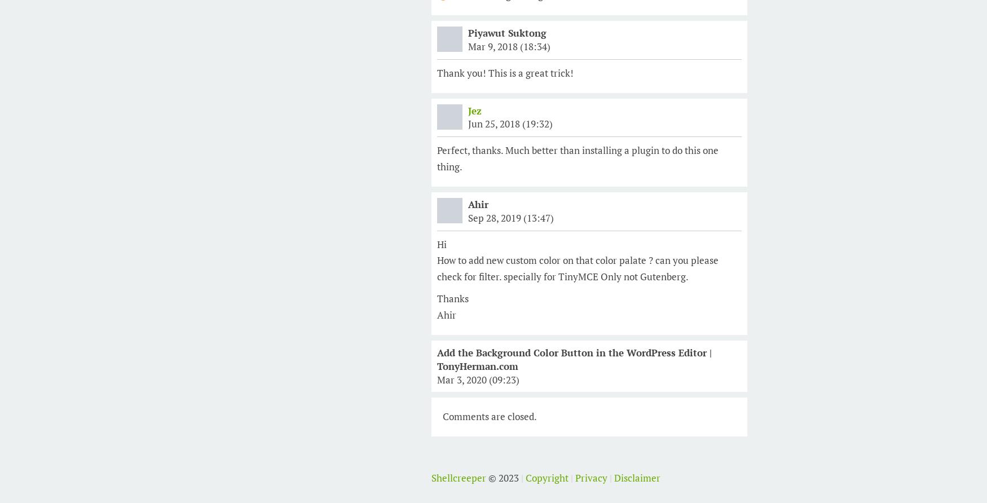 The image size is (987, 503). Describe the element at coordinates (525, 477) in the screenshot. I see `'Copyright'` at that location.